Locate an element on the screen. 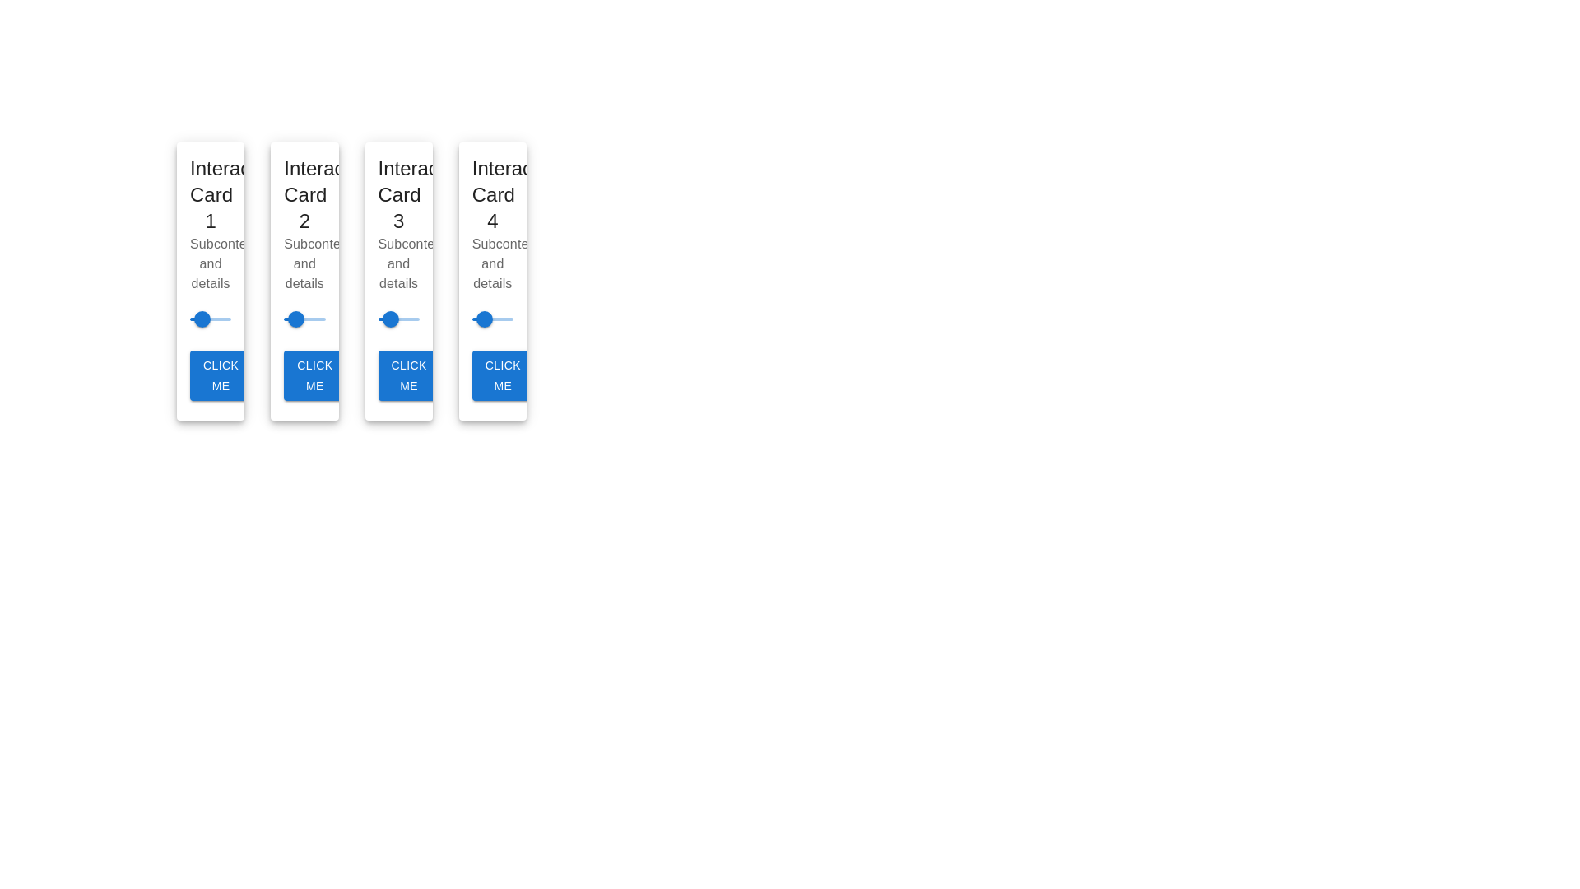 Image resolution: width=1580 pixels, height=889 pixels. the button located at the bottom of 'Interactive Card 3' is located at coordinates (409, 375).